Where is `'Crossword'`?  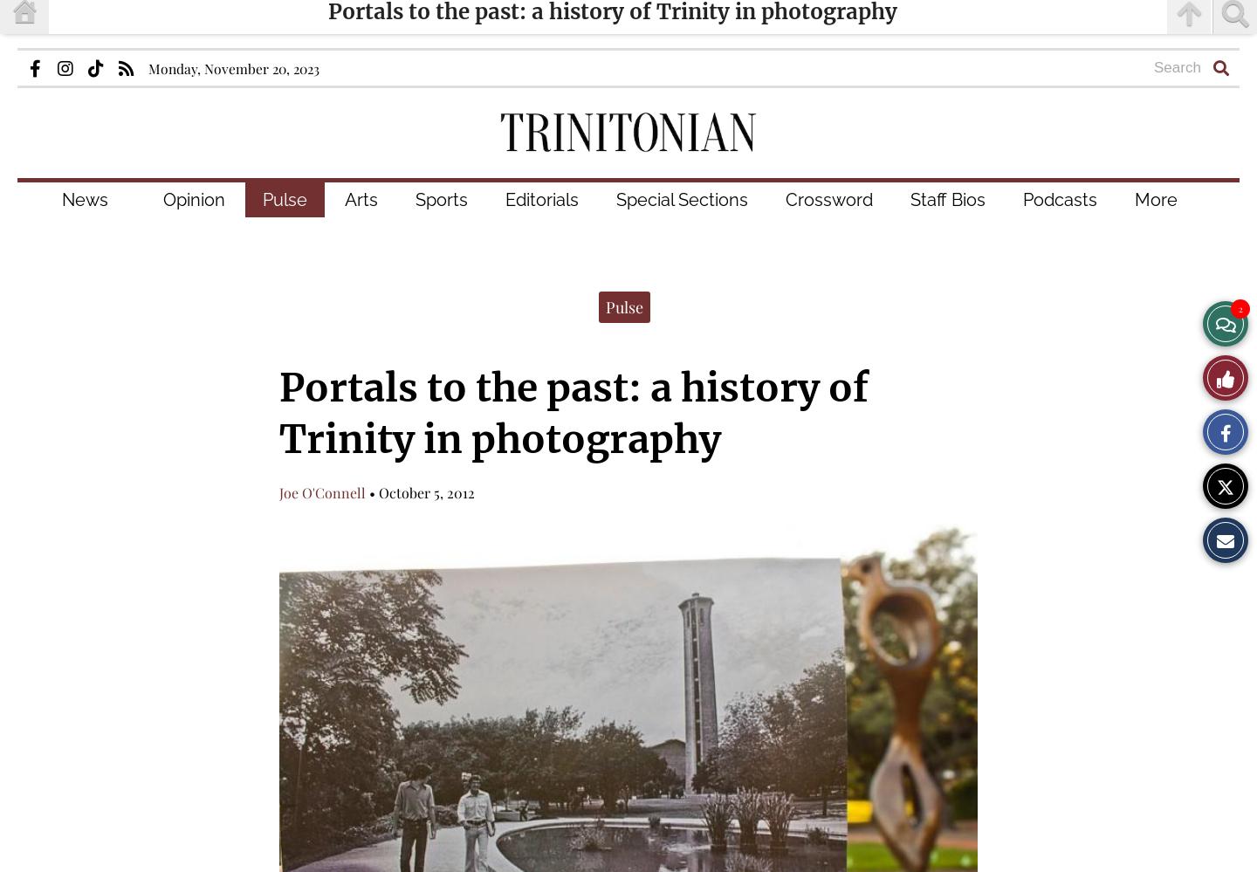
'Crossword' is located at coordinates (828, 199).